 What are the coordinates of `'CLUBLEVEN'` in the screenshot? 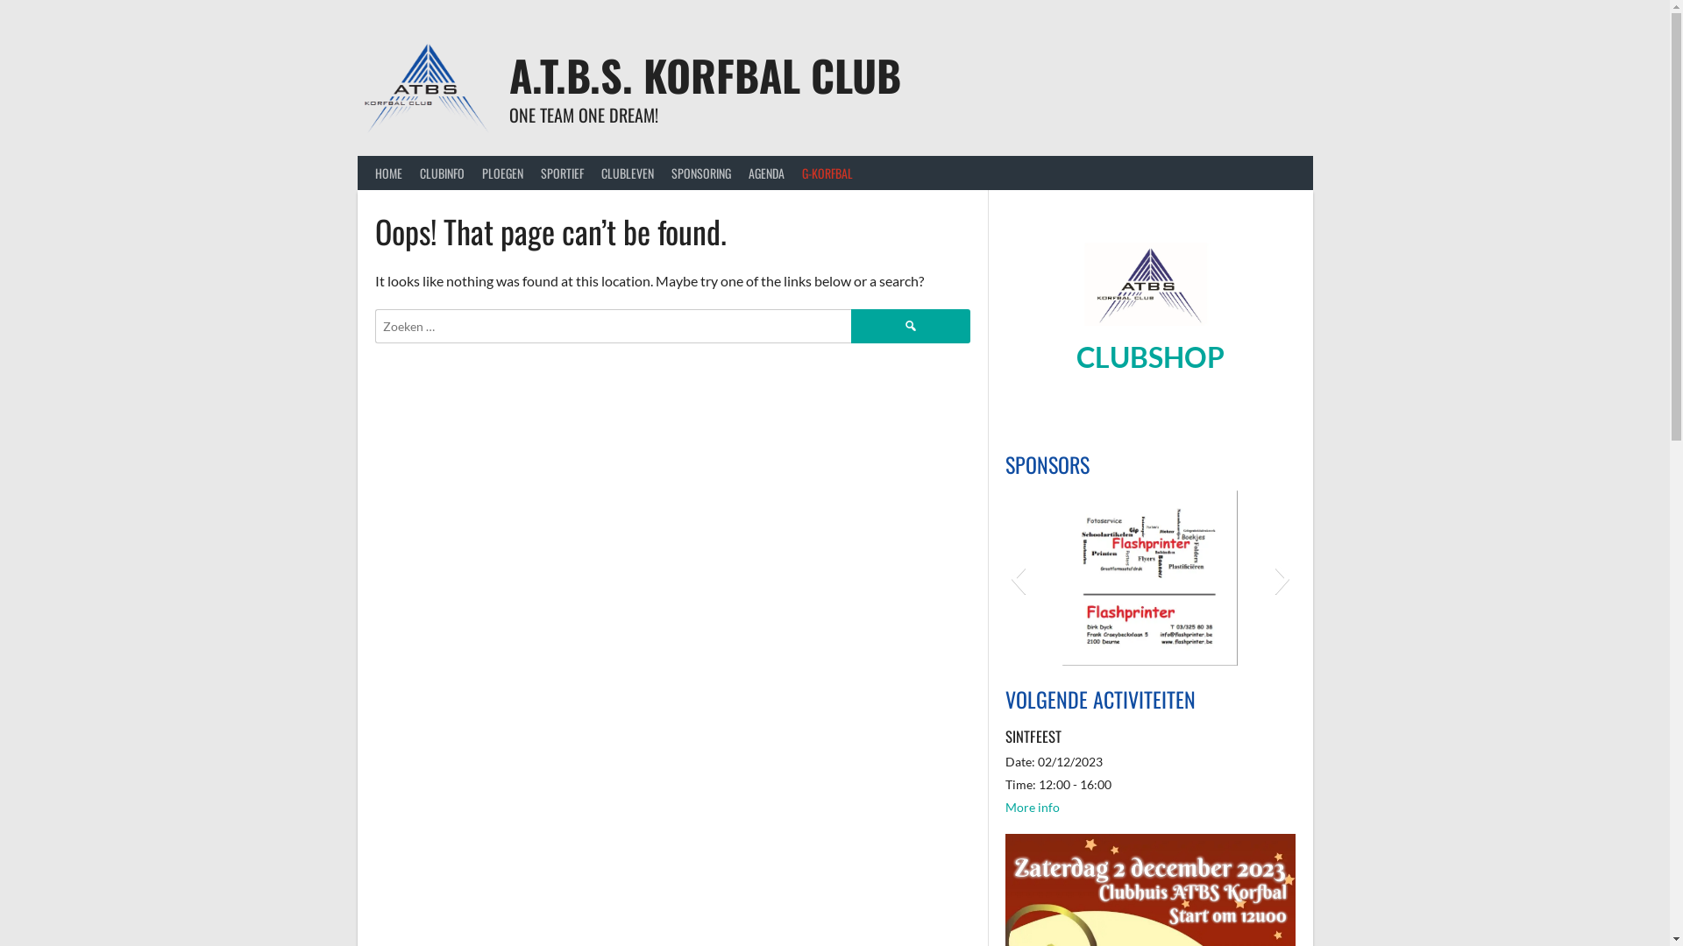 It's located at (627, 173).